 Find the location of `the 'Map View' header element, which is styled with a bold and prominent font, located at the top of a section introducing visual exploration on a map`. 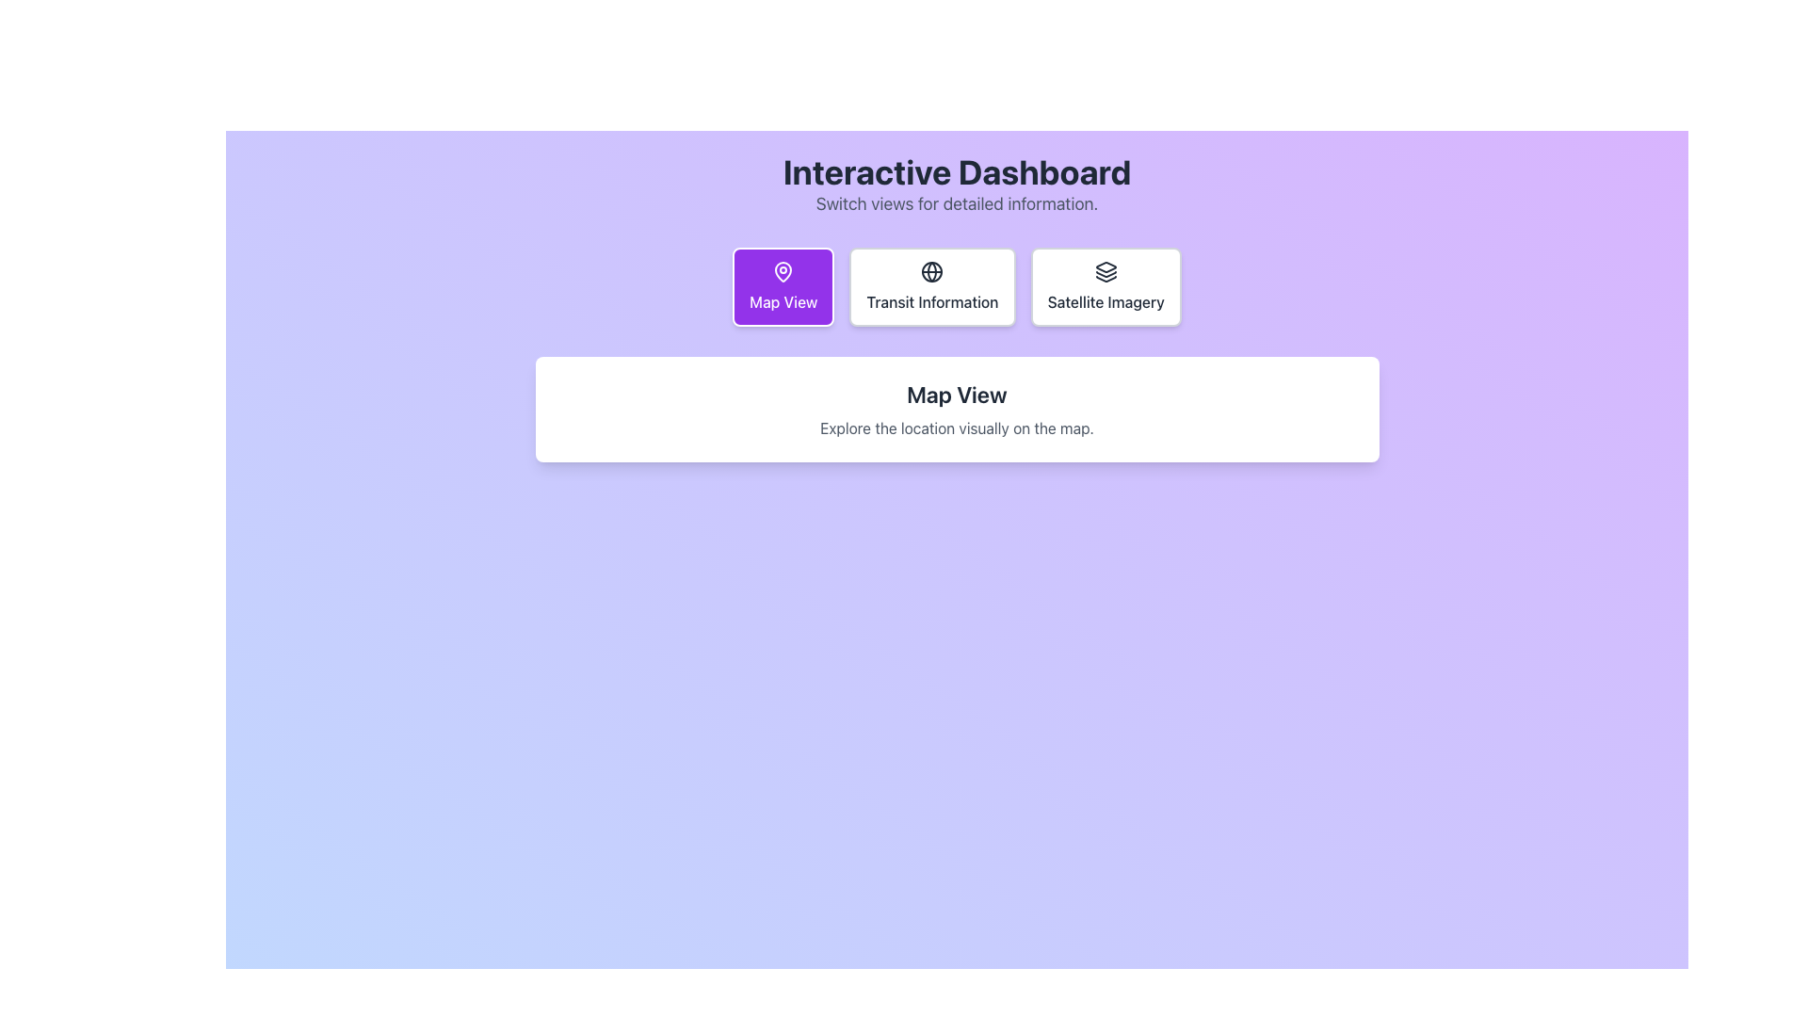

the 'Map View' header element, which is styled with a bold and prominent font, located at the top of a section introducing visual exploration on a map is located at coordinates (957, 394).